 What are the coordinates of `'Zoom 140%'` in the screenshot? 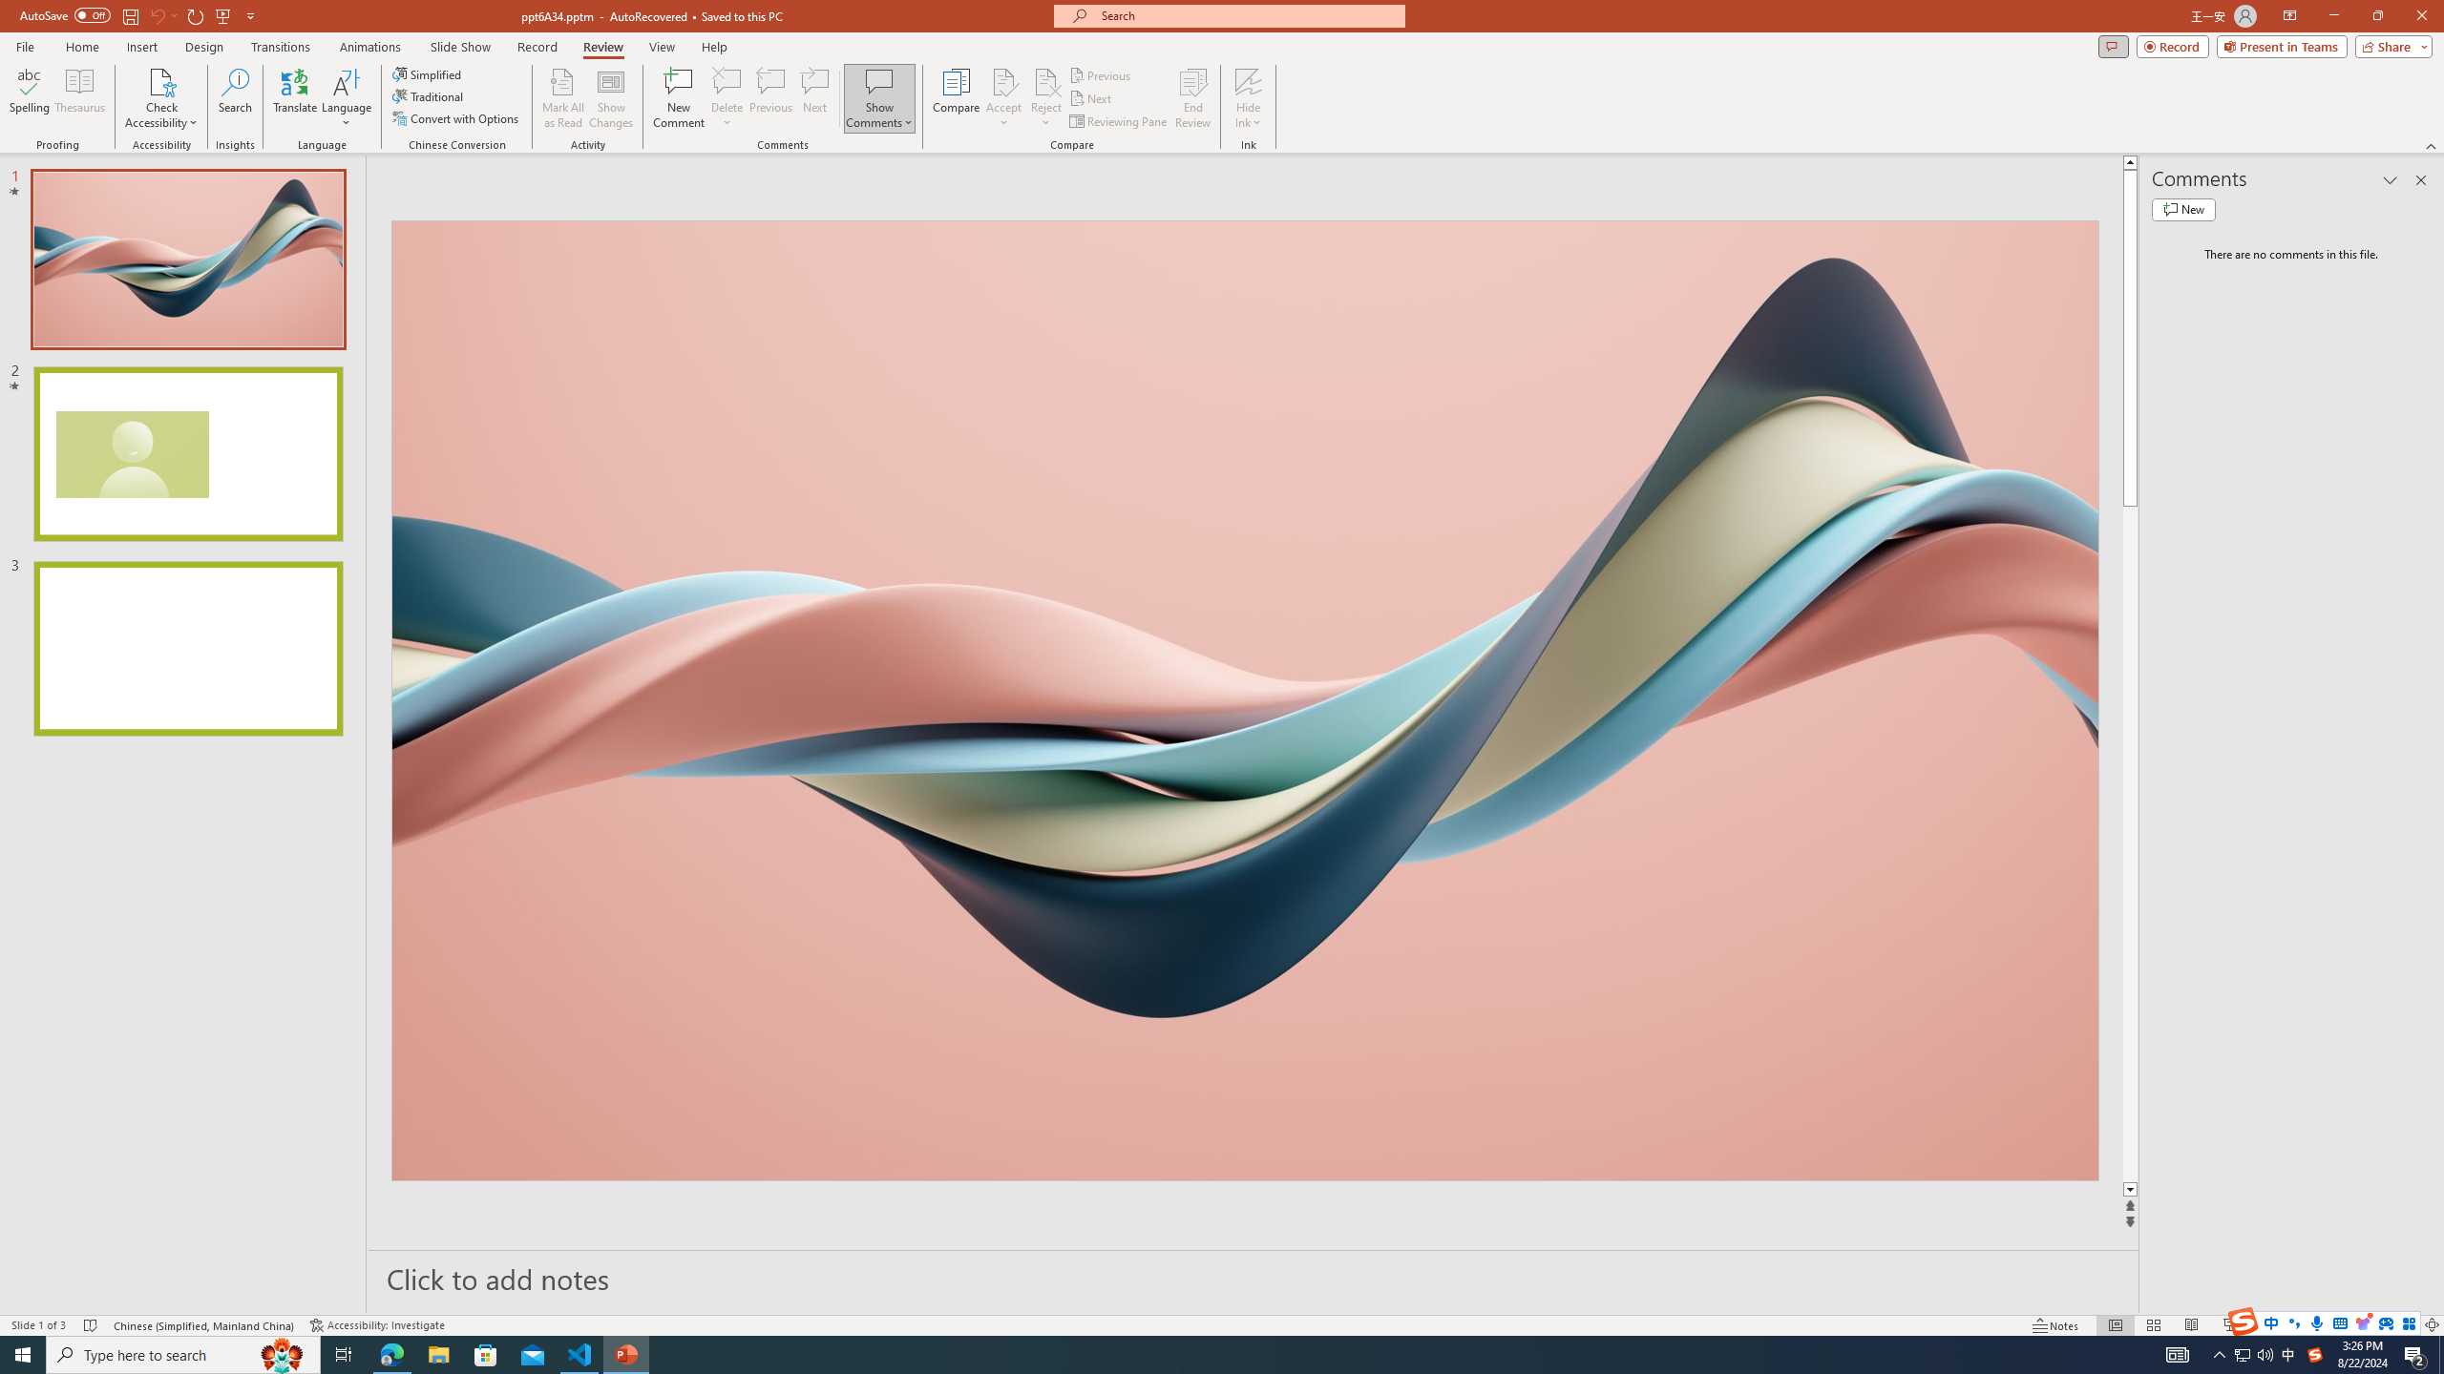 It's located at (2401, 1325).